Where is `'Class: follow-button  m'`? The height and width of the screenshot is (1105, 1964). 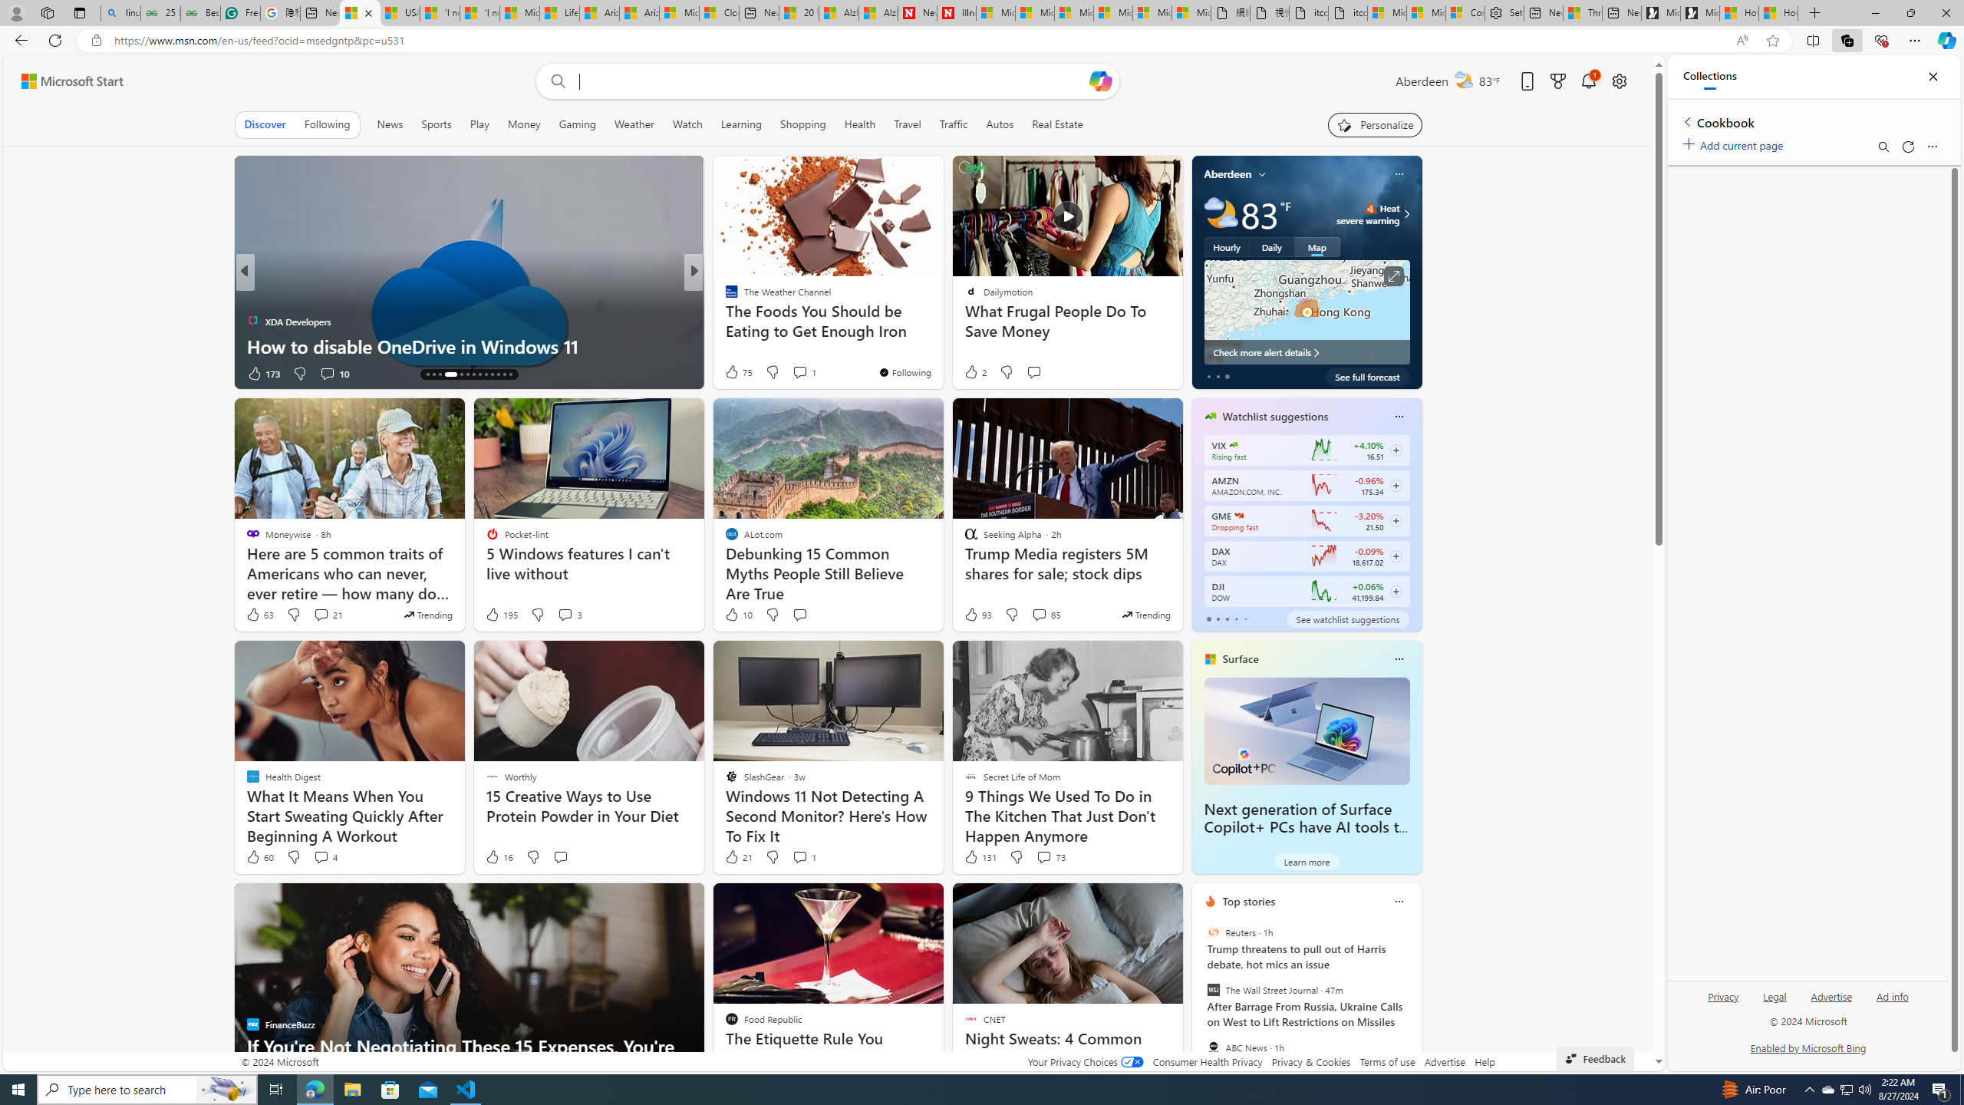
'Class: follow-button  m' is located at coordinates (1395, 591).